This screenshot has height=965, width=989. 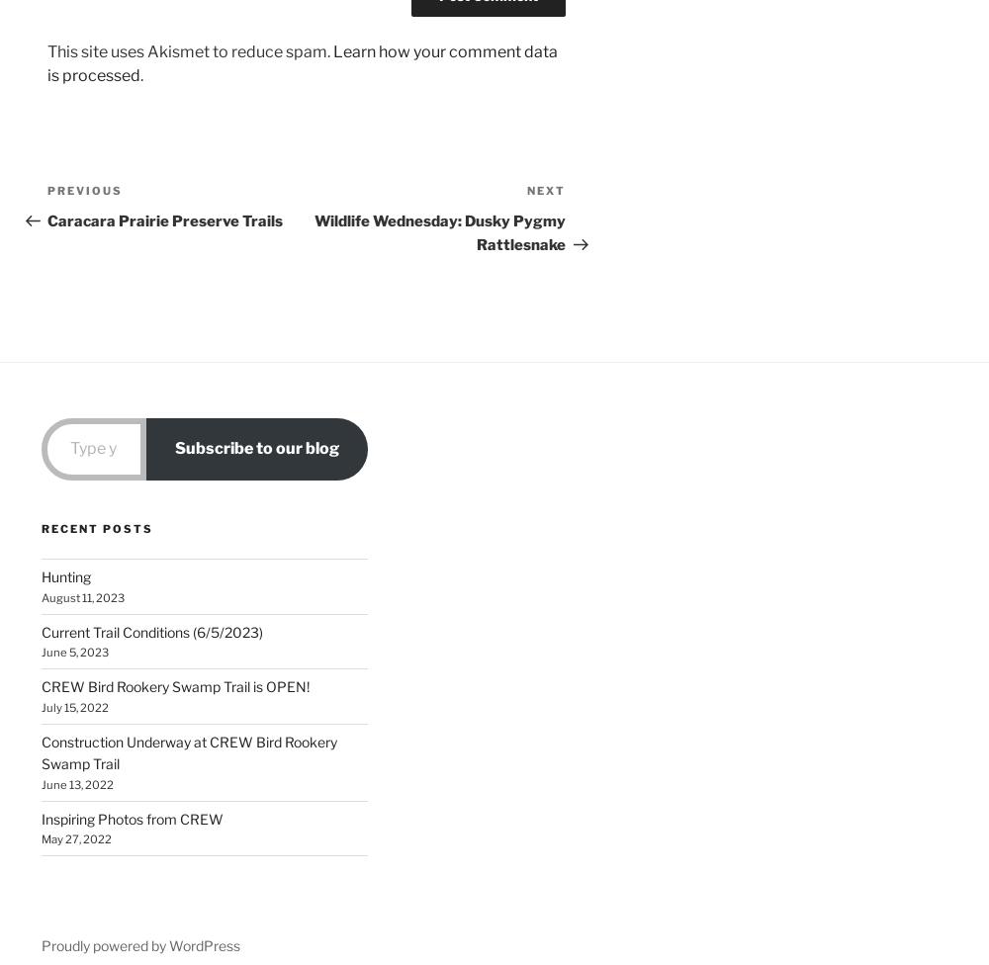 I want to click on 'June 13, 2022', so click(x=42, y=784).